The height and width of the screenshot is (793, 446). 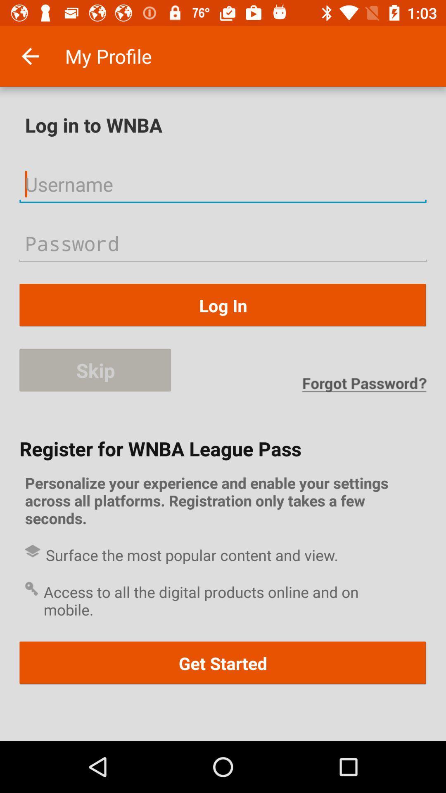 I want to click on the icon above register for wnba, so click(x=363, y=384).